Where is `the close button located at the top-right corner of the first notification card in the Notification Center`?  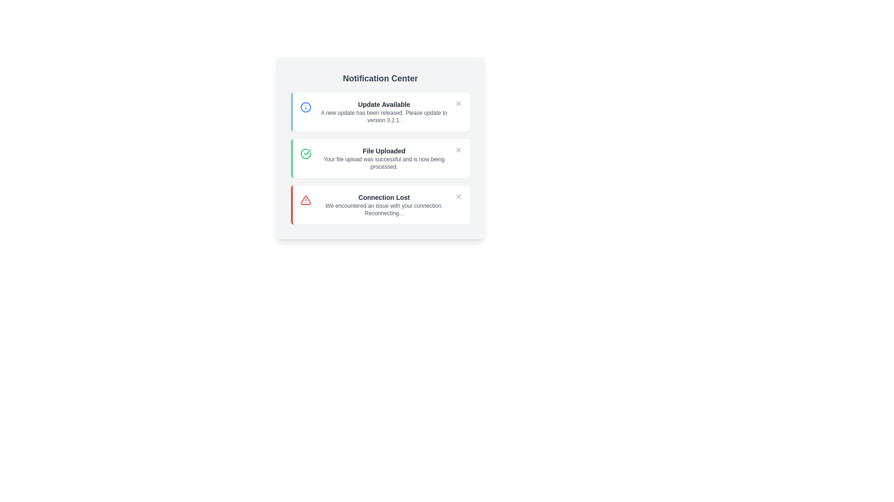
the close button located at the top-right corner of the first notification card in the Notification Center is located at coordinates (458, 104).